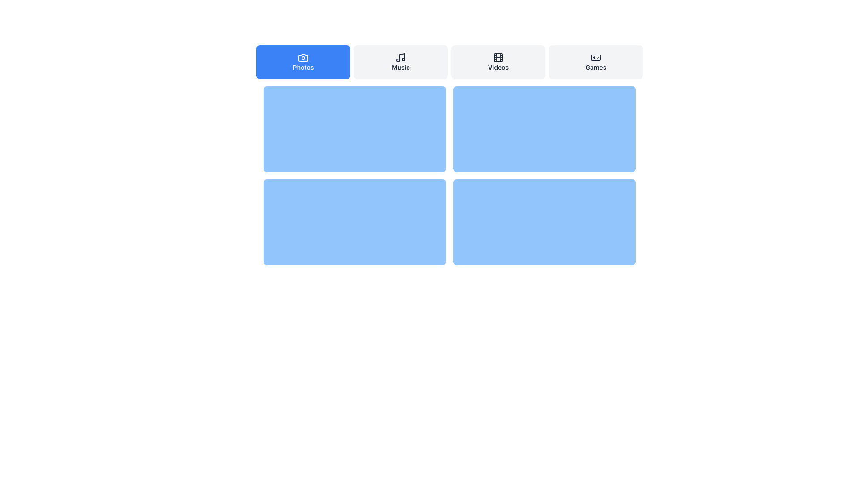  I want to click on camera icon within the blue 'Photos' button located in the top-left section of the navigation menu, so click(303, 57).